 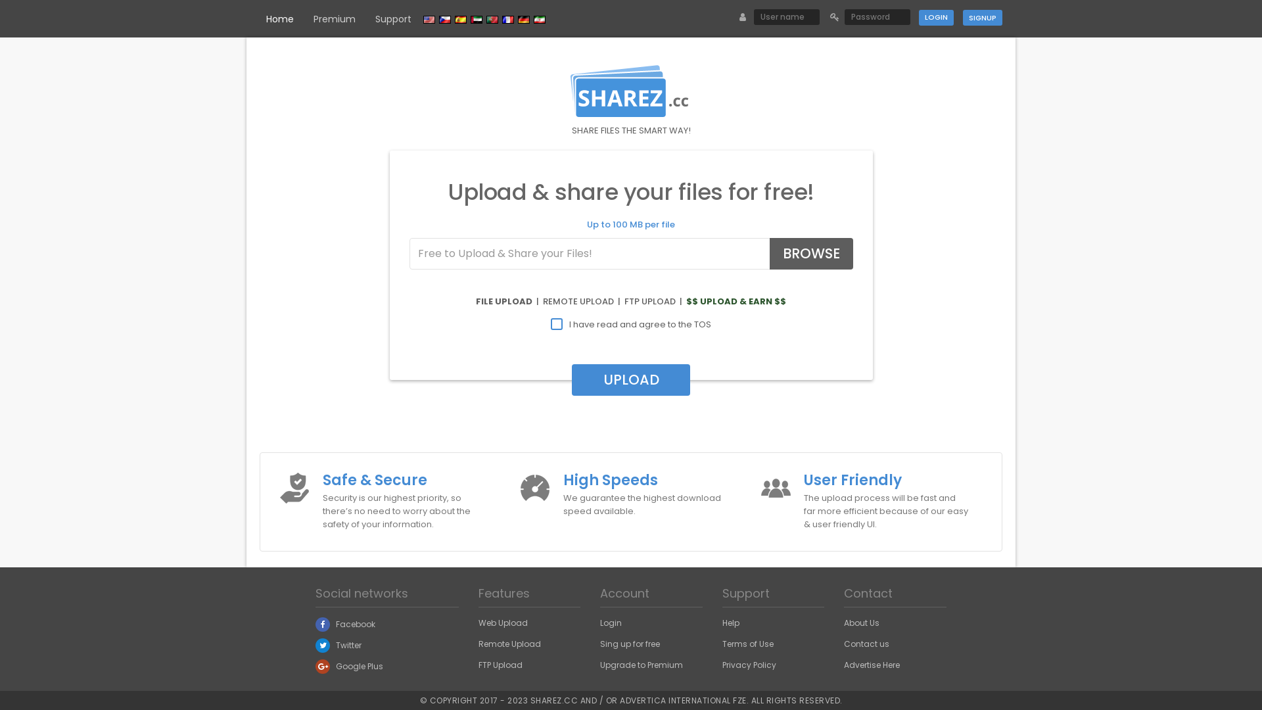 What do you see at coordinates (503, 301) in the screenshot?
I see `'FILE UPLOAD'` at bounding box center [503, 301].